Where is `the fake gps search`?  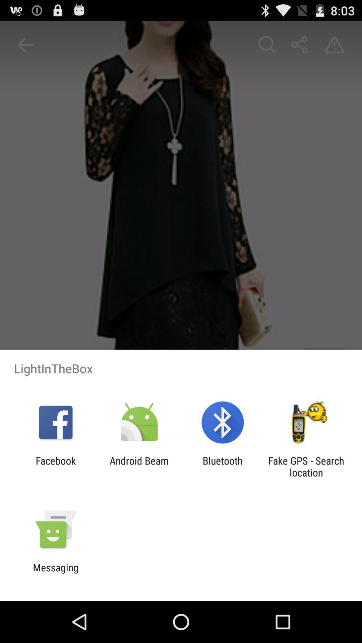
the fake gps search is located at coordinates (306, 466).